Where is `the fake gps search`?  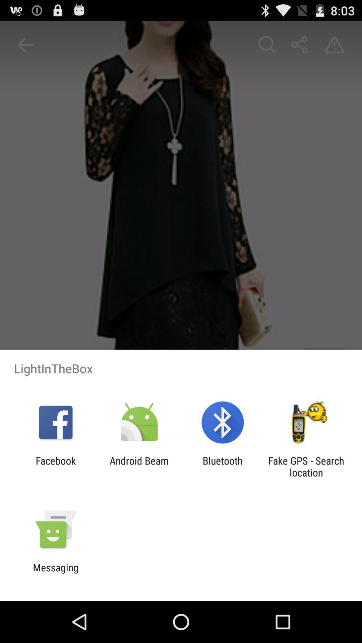
the fake gps search is located at coordinates (306, 466).